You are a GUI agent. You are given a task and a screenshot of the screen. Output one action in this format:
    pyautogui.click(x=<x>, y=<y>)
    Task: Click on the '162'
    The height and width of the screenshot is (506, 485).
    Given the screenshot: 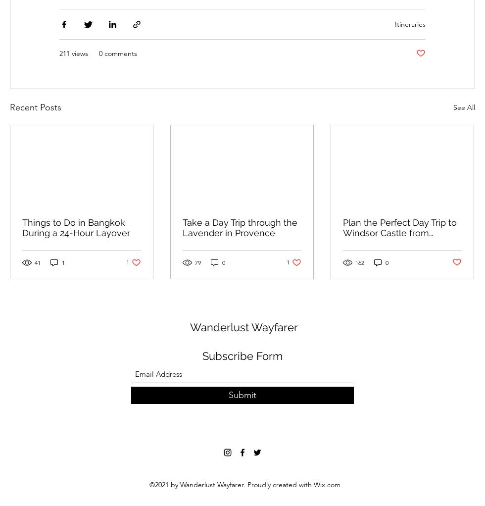 What is the action you would take?
    pyautogui.click(x=359, y=261)
    